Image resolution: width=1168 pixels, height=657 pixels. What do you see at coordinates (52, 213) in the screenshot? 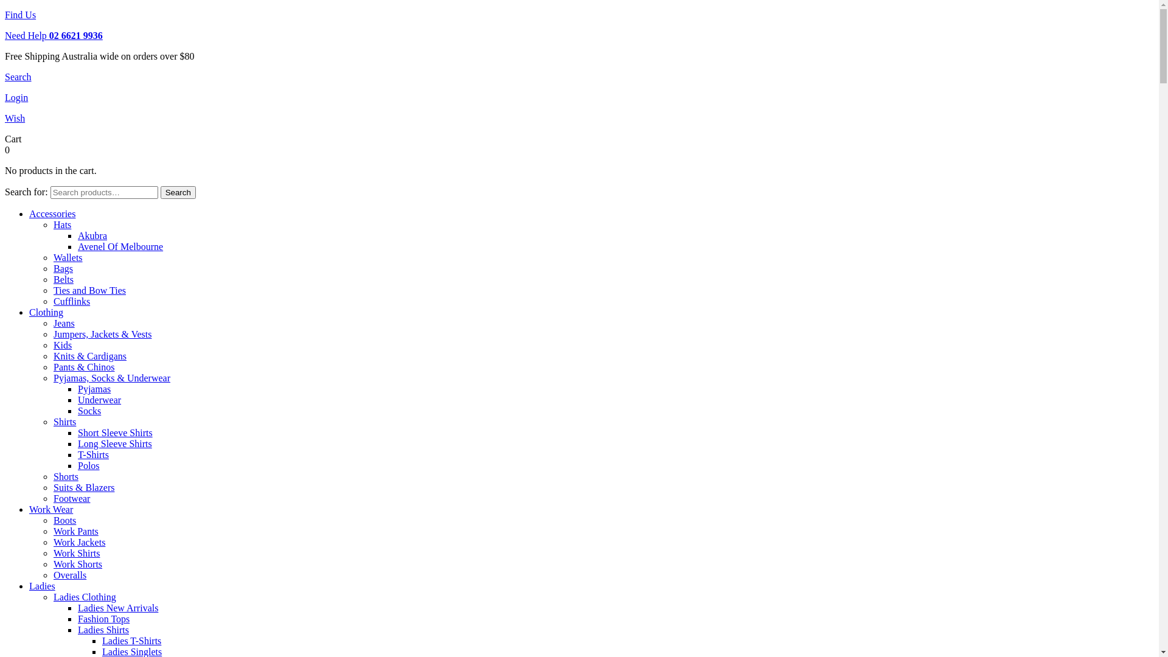
I see `'Accessories'` at bounding box center [52, 213].